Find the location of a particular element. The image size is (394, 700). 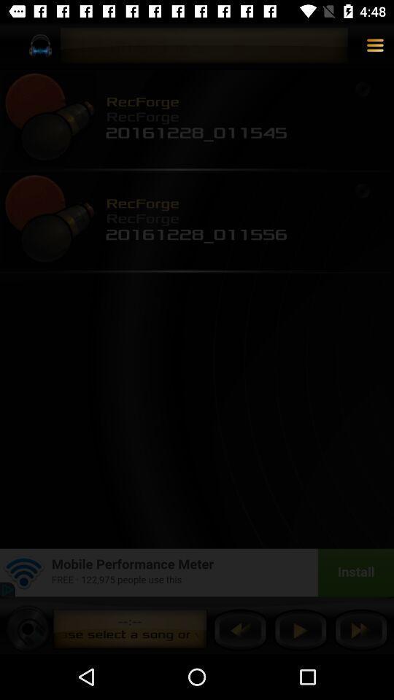

the icon on top left is located at coordinates (40, 45).